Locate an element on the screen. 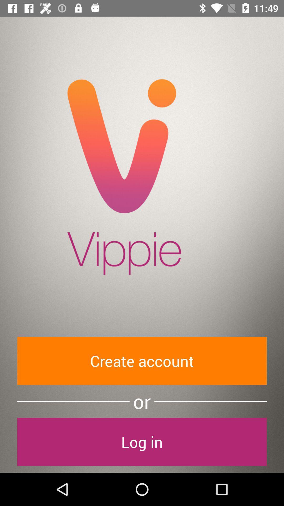  icon above the or is located at coordinates (142, 361).